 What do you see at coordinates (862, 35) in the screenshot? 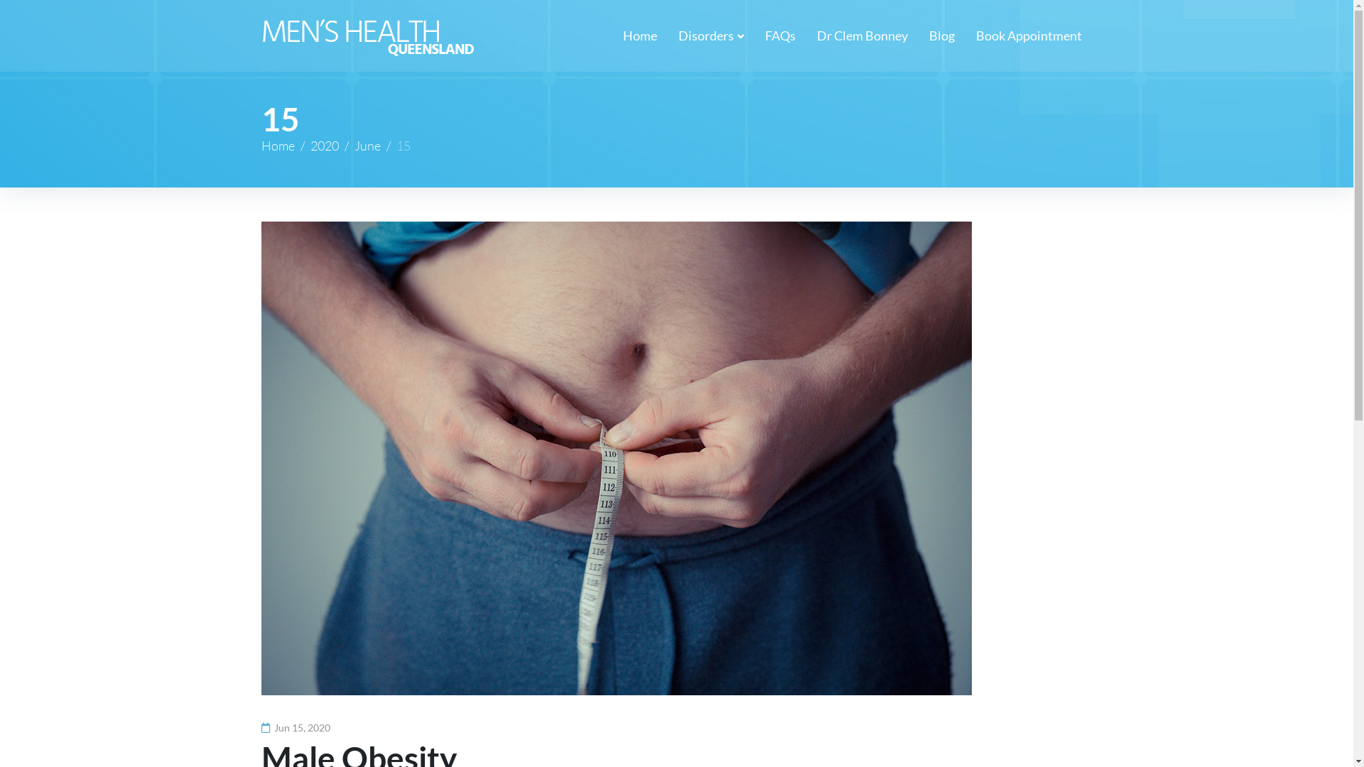
I see `'Dr Clem Bonney'` at bounding box center [862, 35].